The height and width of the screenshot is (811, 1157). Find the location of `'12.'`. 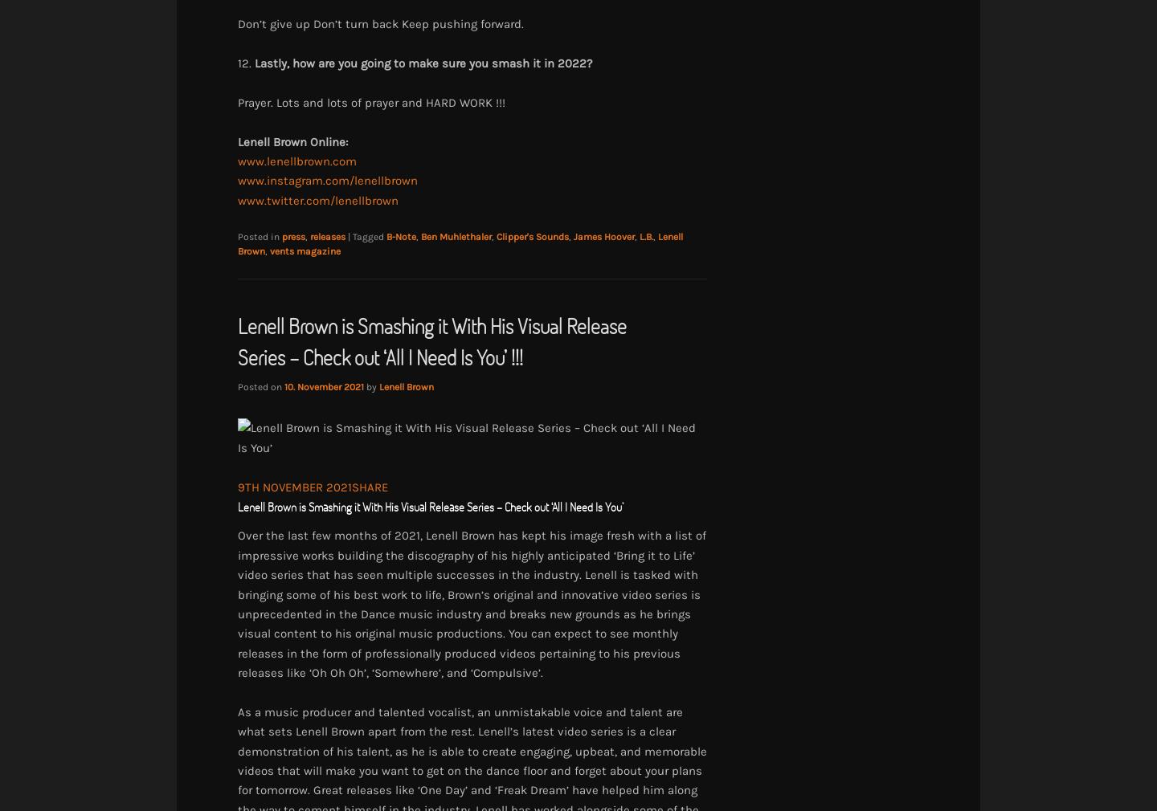

'12.' is located at coordinates (246, 62).